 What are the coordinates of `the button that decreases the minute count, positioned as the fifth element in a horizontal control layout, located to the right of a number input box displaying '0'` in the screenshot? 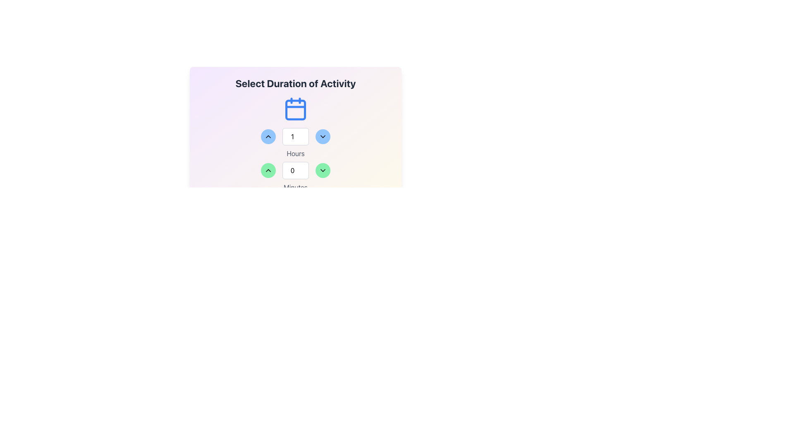 It's located at (323, 170).